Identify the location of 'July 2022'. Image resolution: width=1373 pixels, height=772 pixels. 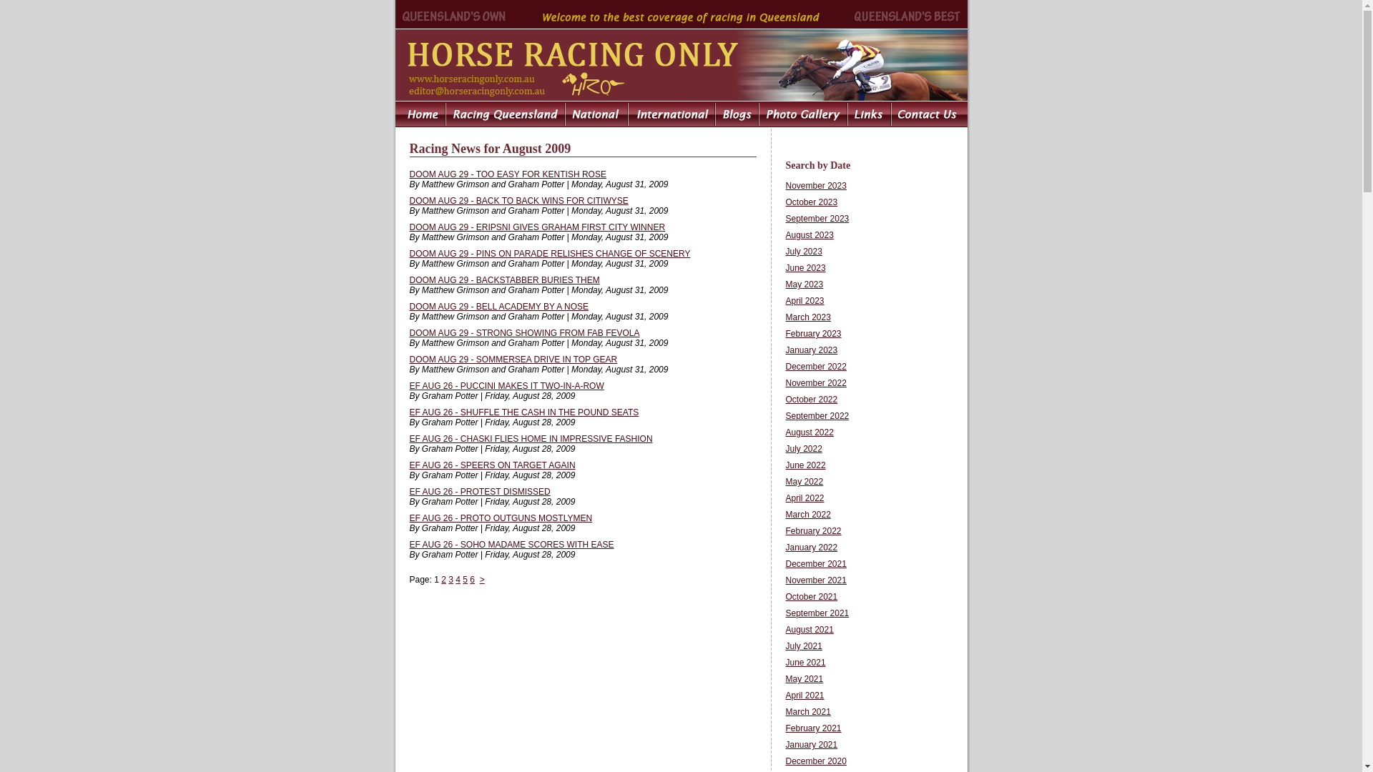
(803, 448).